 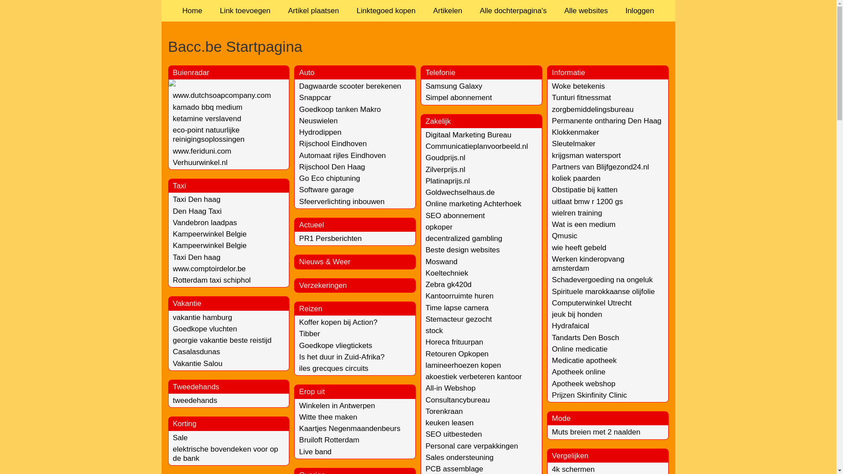 I want to click on 'Linktegoed kopen', so click(x=385, y=11).